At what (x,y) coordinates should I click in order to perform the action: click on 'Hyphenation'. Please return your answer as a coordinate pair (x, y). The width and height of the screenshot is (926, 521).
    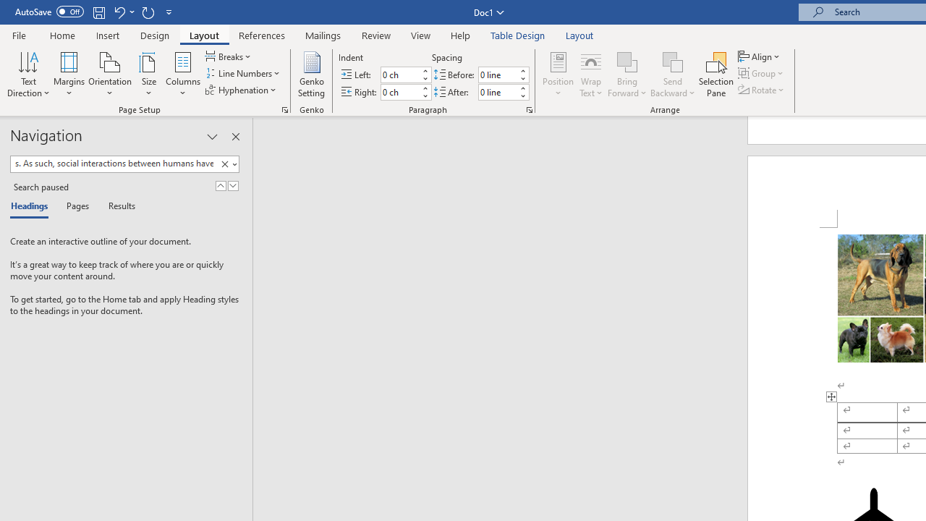
    Looking at the image, I should click on (242, 90).